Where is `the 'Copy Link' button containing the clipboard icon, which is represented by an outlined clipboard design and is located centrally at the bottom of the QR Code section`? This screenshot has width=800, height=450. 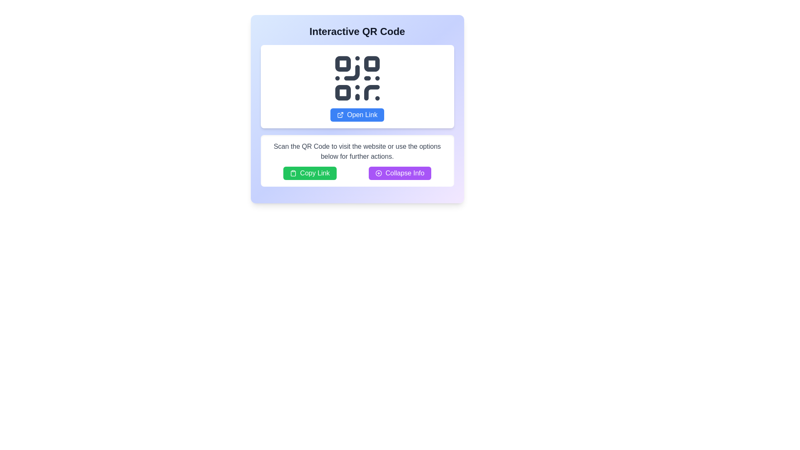 the 'Copy Link' button containing the clipboard icon, which is represented by an outlined clipboard design and is located centrally at the bottom of the QR Code section is located at coordinates (293, 173).